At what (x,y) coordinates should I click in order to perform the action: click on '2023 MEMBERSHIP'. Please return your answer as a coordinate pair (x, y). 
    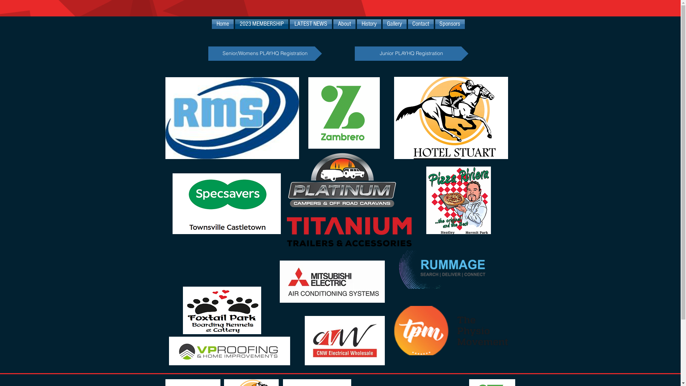
    Looking at the image, I should click on (234, 24).